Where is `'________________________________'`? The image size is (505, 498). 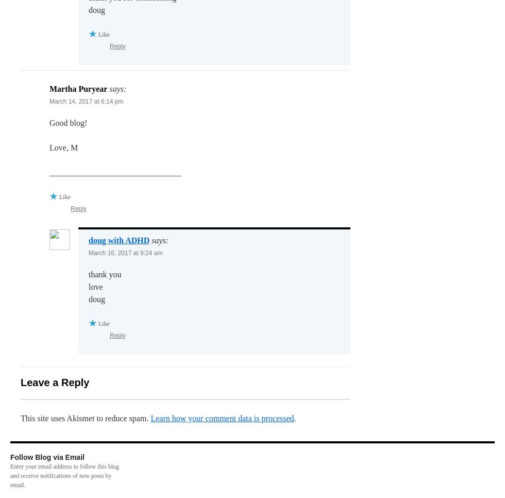
'________________________________' is located at coordinates (115, 172).